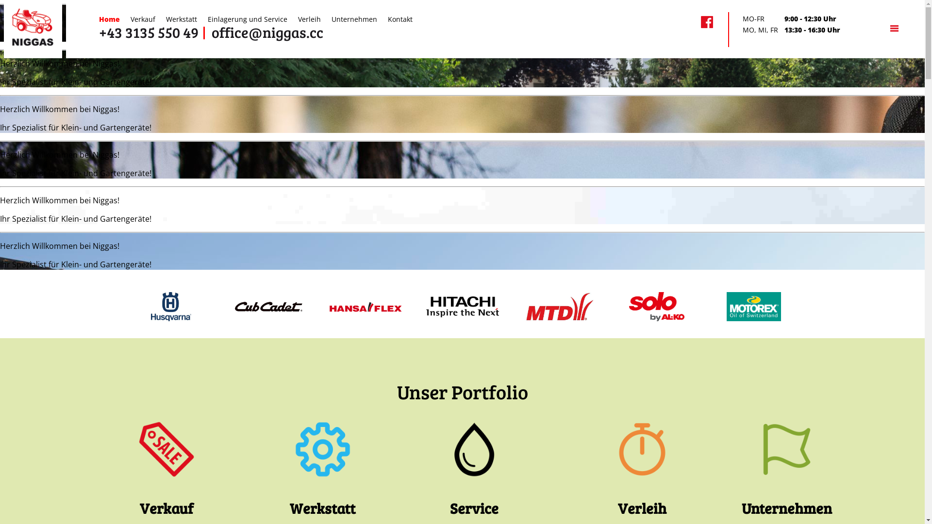 Image resolution: width=932 pixels, height=524 pixels. What do you see at coordinates (267, 31) in the screenshot?
I see `'office@niggas.cc'` at bounding box center [267, 31].